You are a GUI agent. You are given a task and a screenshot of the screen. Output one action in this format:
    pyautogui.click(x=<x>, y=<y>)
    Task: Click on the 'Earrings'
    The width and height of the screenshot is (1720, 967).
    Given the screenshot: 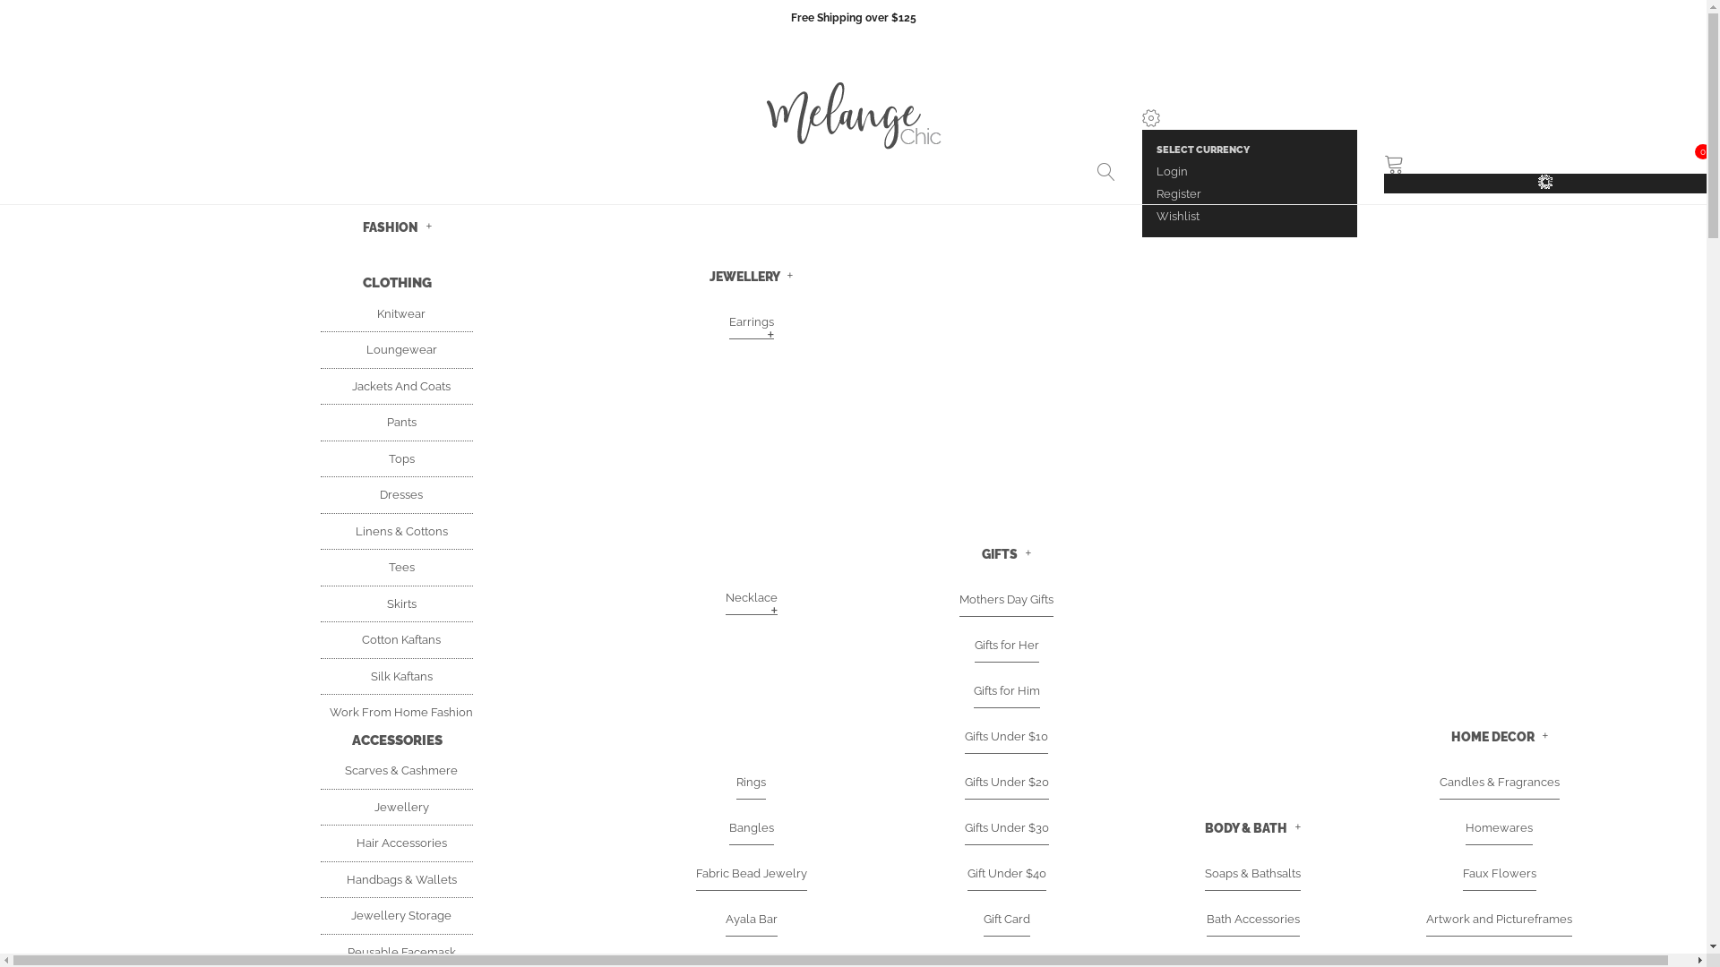 What is the action you would take?
    pyautogui.click(x=752, y=321)
    